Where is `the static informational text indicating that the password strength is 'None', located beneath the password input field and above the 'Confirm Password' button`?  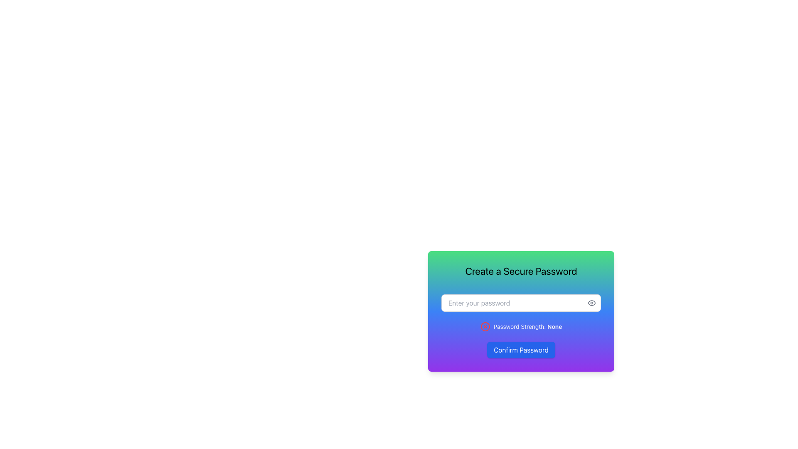 the static informational text indicating that the password strength is 'None', located beneath the password input field and above the 'Confirm Password' button is located at coordinates (520, 326).